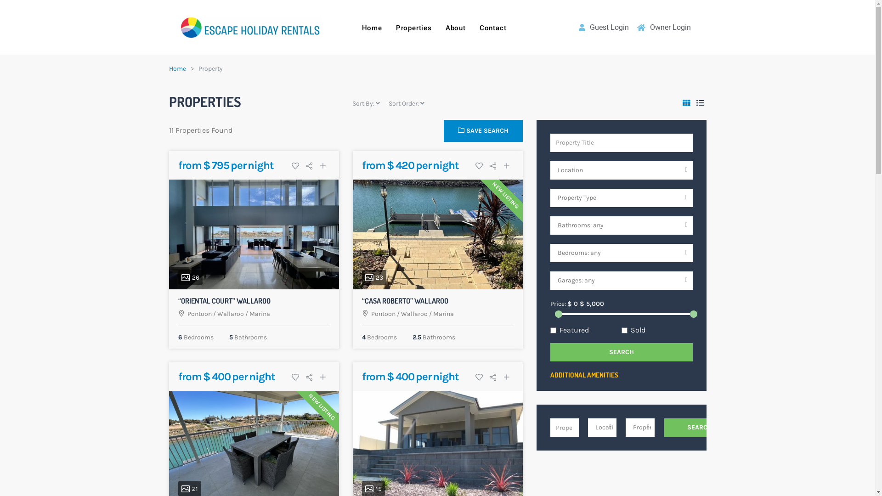  I want to click on 'Contact', so click(492, 28).